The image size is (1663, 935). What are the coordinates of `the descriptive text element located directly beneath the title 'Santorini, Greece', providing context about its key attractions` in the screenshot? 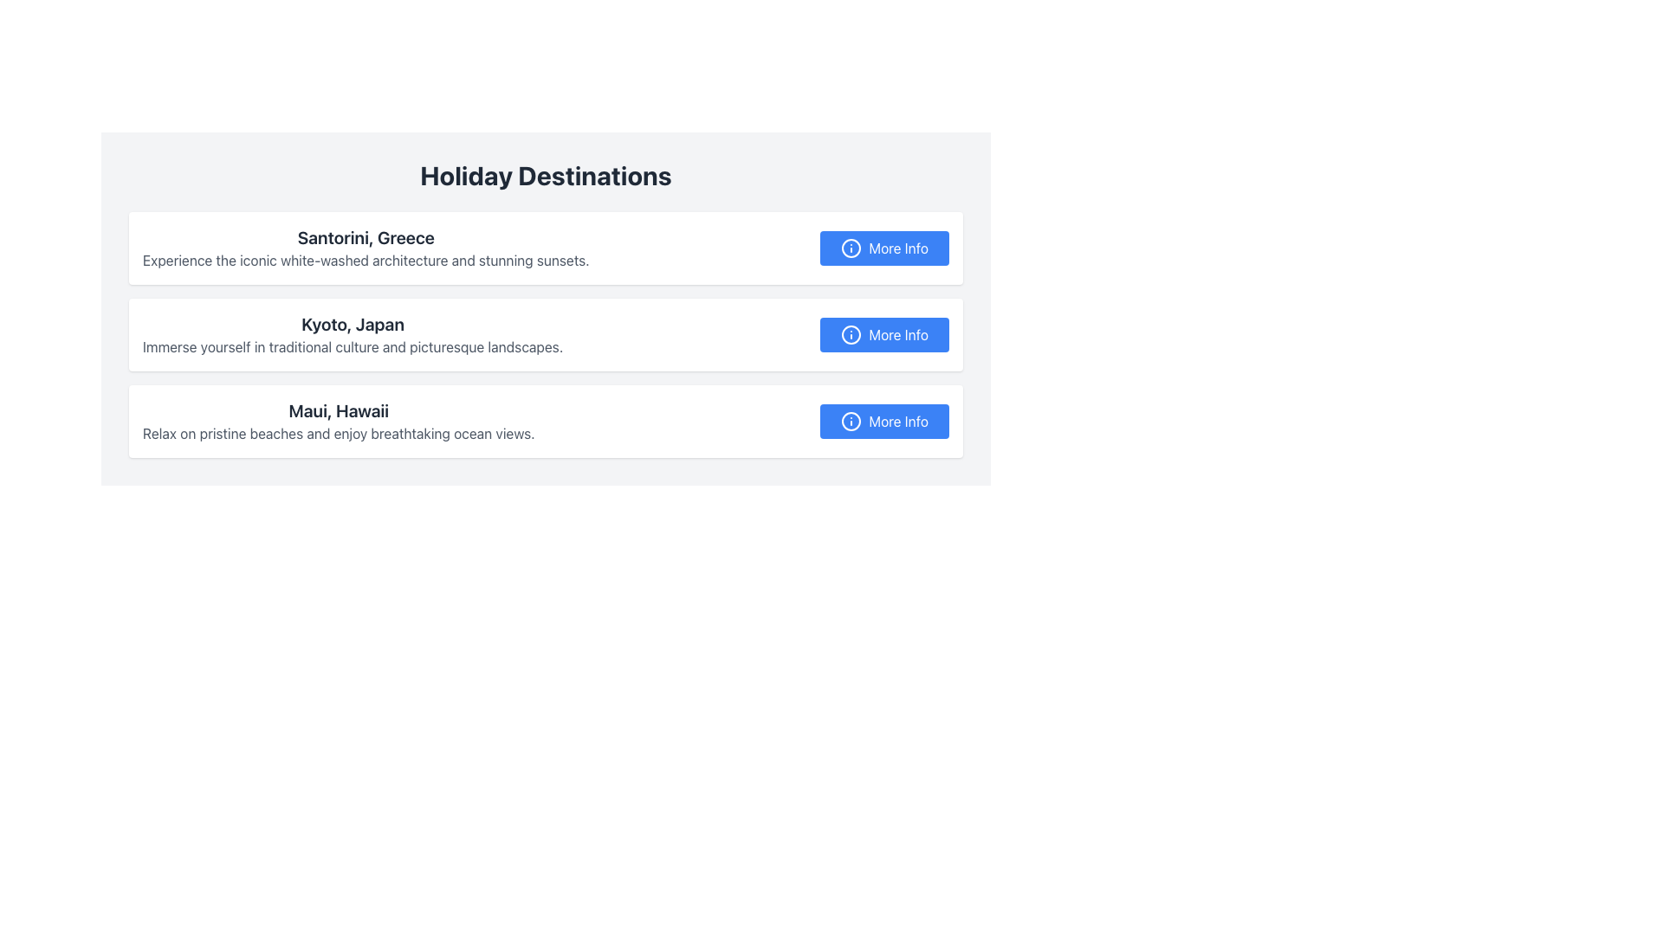 It's located at (365, 260).